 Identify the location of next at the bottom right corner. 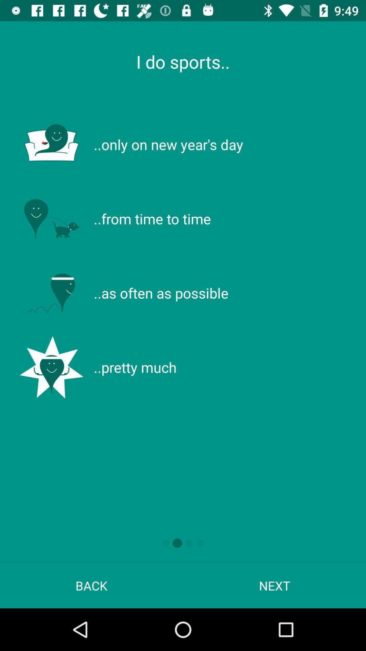
(274, 585).